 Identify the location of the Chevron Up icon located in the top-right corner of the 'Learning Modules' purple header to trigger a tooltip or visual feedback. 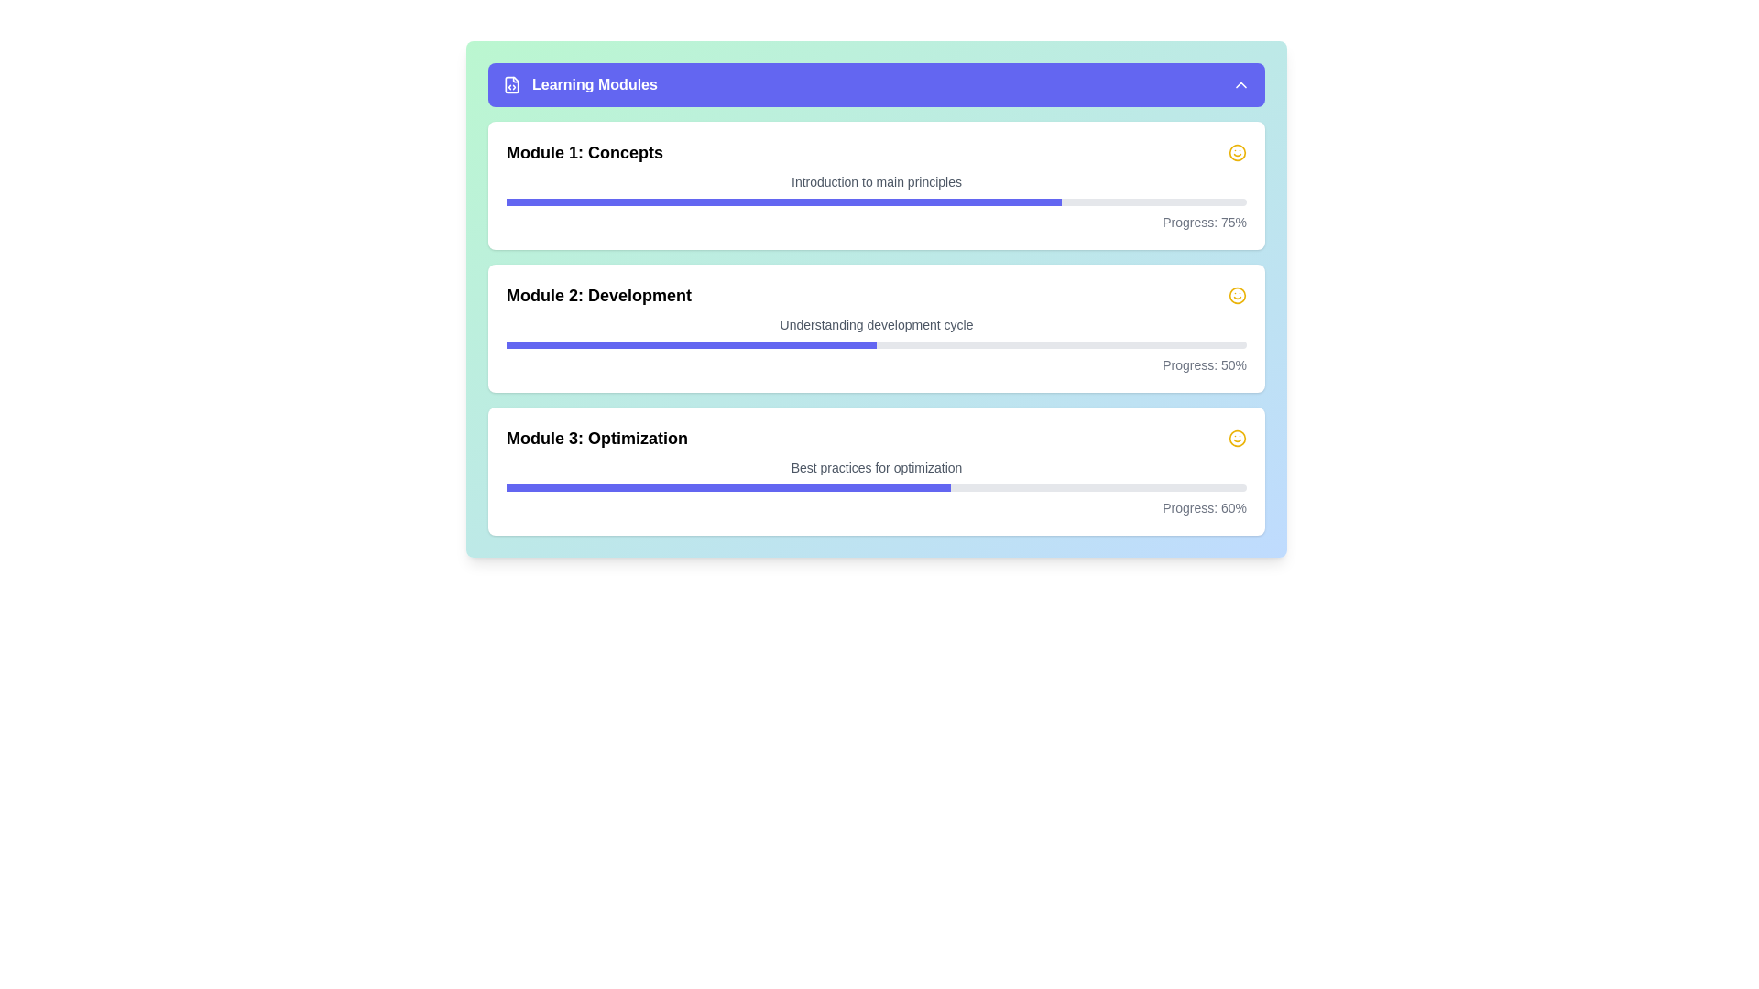
(1240, 84).